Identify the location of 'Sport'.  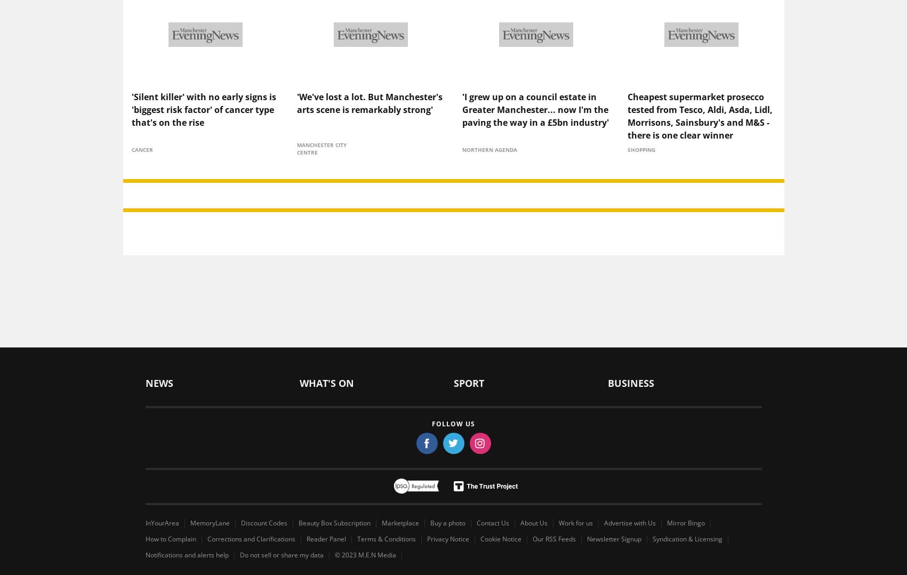
(468, 365).